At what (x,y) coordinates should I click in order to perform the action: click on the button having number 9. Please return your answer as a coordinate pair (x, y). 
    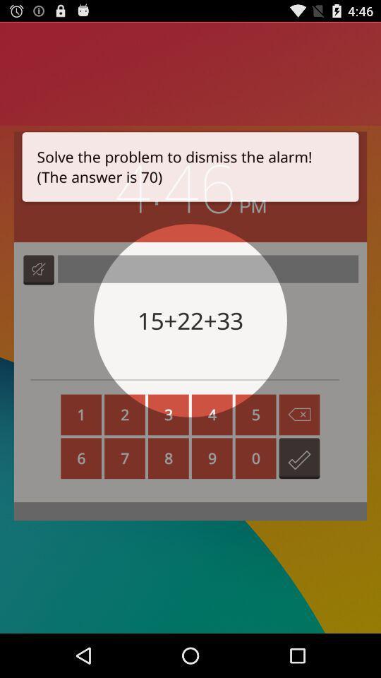
    Looking at the image, I should click on (211, 457).